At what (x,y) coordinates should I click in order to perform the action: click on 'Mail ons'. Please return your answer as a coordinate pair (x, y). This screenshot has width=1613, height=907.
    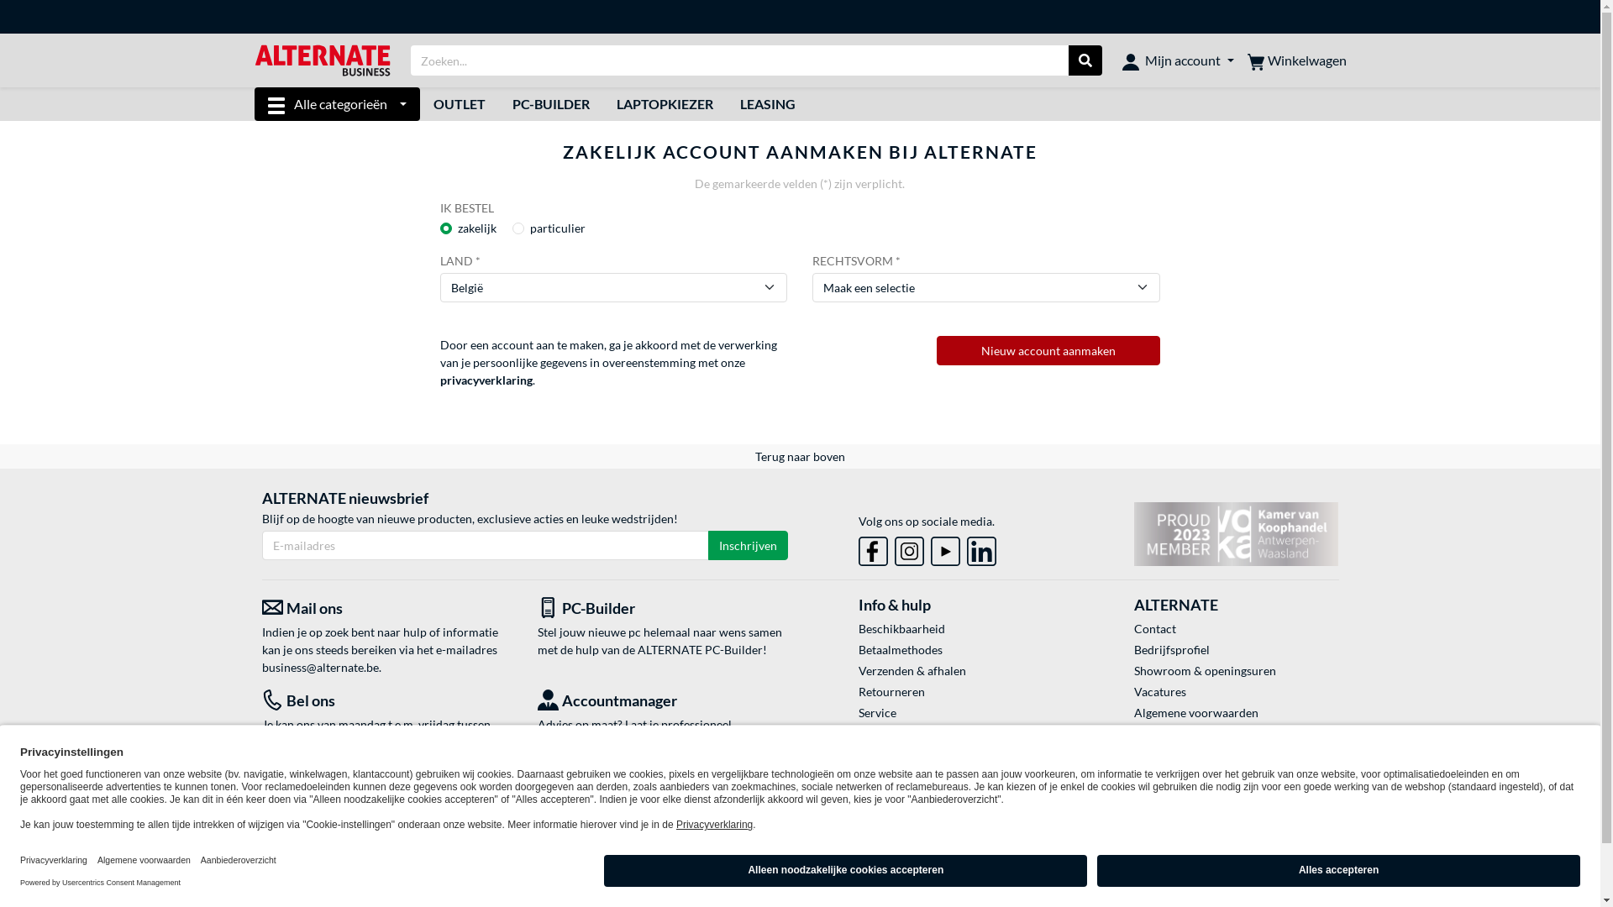
    Looking at the image, I should click on (261, 608).